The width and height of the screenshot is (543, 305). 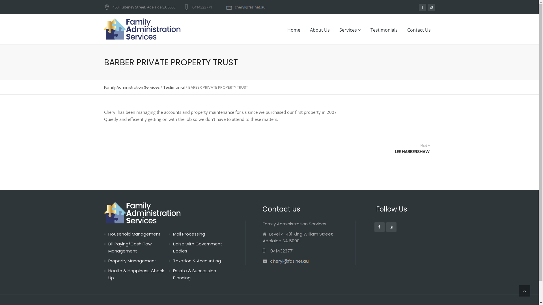 What do you see at coordinates (366, 30) in the screenshot?
I see `'Testimonials'` at bounding box center [366, 30].